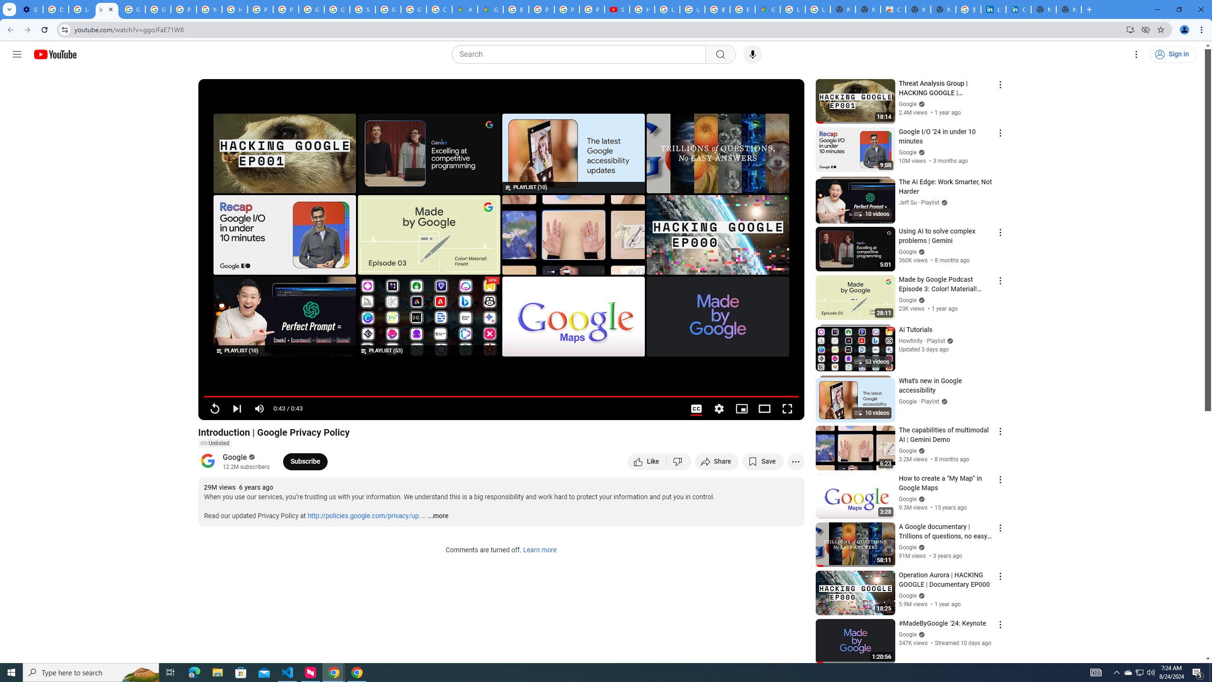 The width and height of the screenshot is (1212, 682). I want to click on 'Action menu', so click(999, 624).